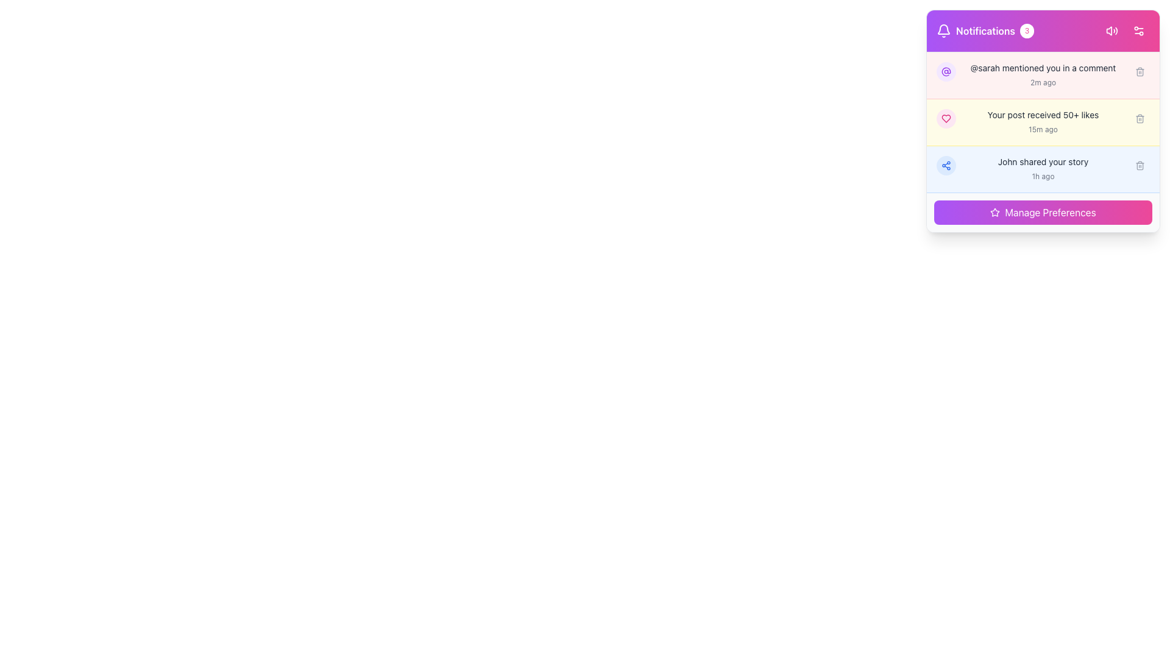 This screenshot has height=658, width=1170. What do you see at coordinates (946, 119) in the screenshot?
I see `the affection icon located in the notification panel` at bounding box center [946, 119].